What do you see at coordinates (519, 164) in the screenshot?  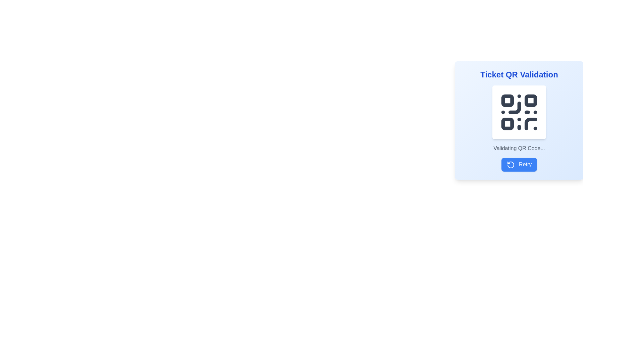 I see `the retry button that is centrally located below the 'Validating QR Code...' text` at bounding box center [519, 164].